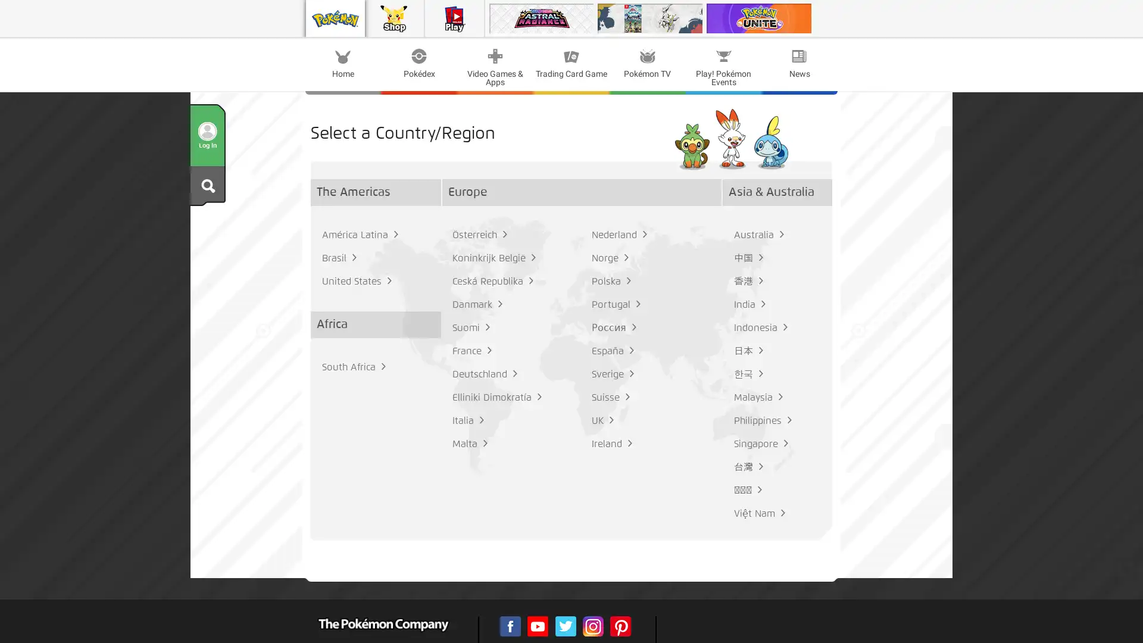 The width and height of the screenshot is (1143, 643). Describe the element at coordinates (527, 186) in the screenshot. I see `Manage Cookies` at that location.